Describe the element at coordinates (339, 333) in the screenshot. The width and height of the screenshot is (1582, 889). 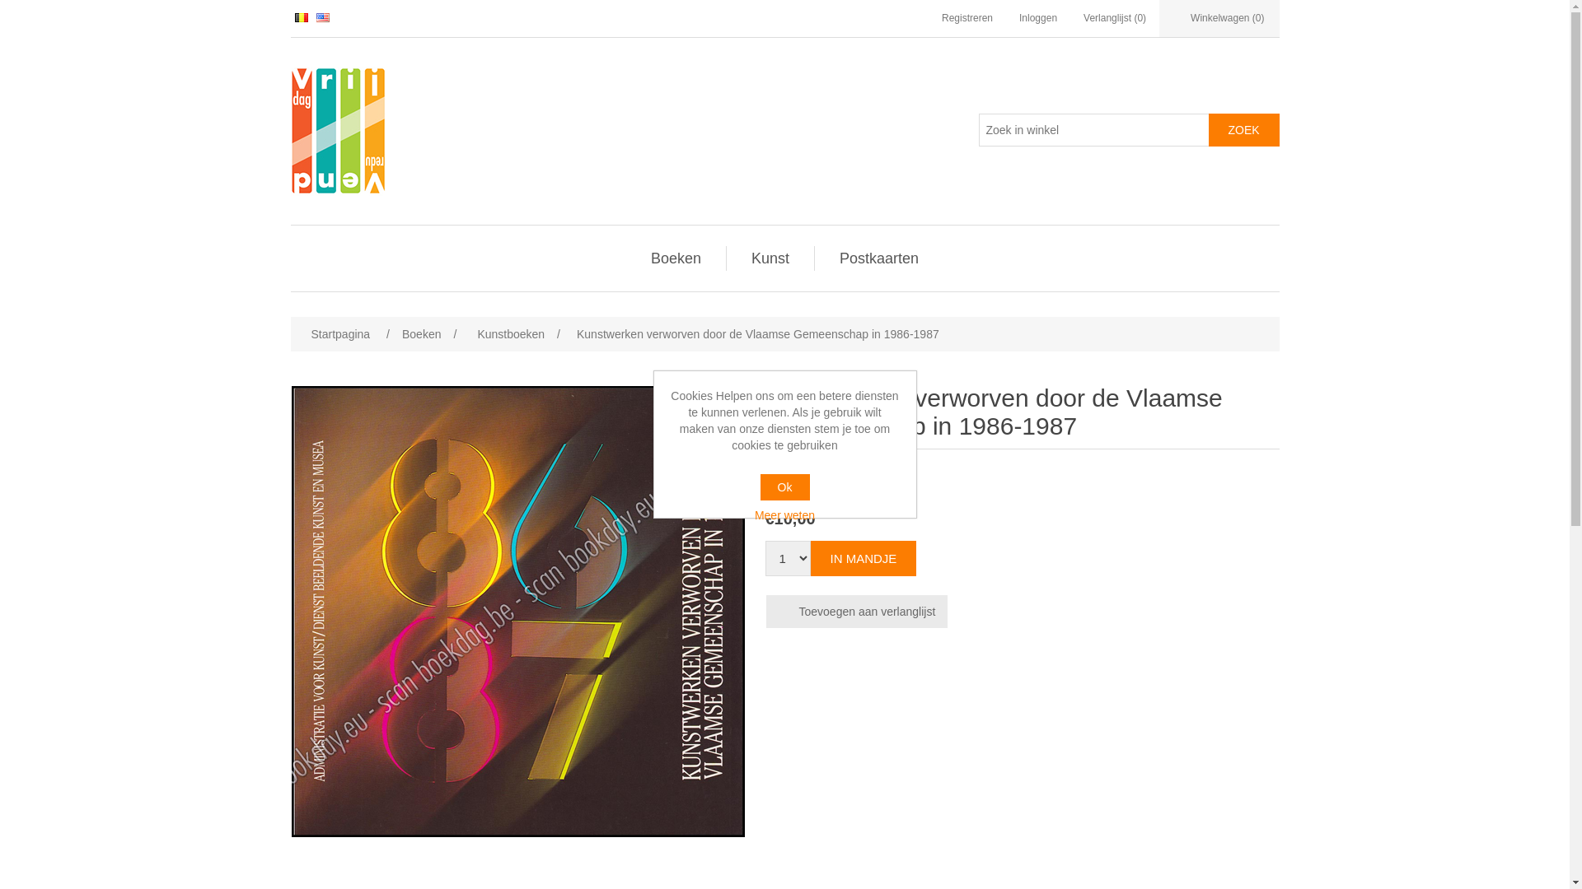
I see `'Startpagina'` at that location.